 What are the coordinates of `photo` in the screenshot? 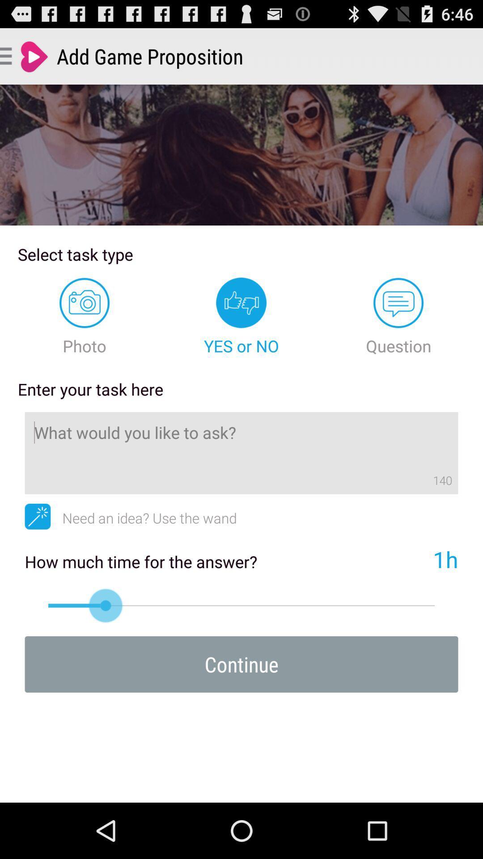 It's located at (85, 317).